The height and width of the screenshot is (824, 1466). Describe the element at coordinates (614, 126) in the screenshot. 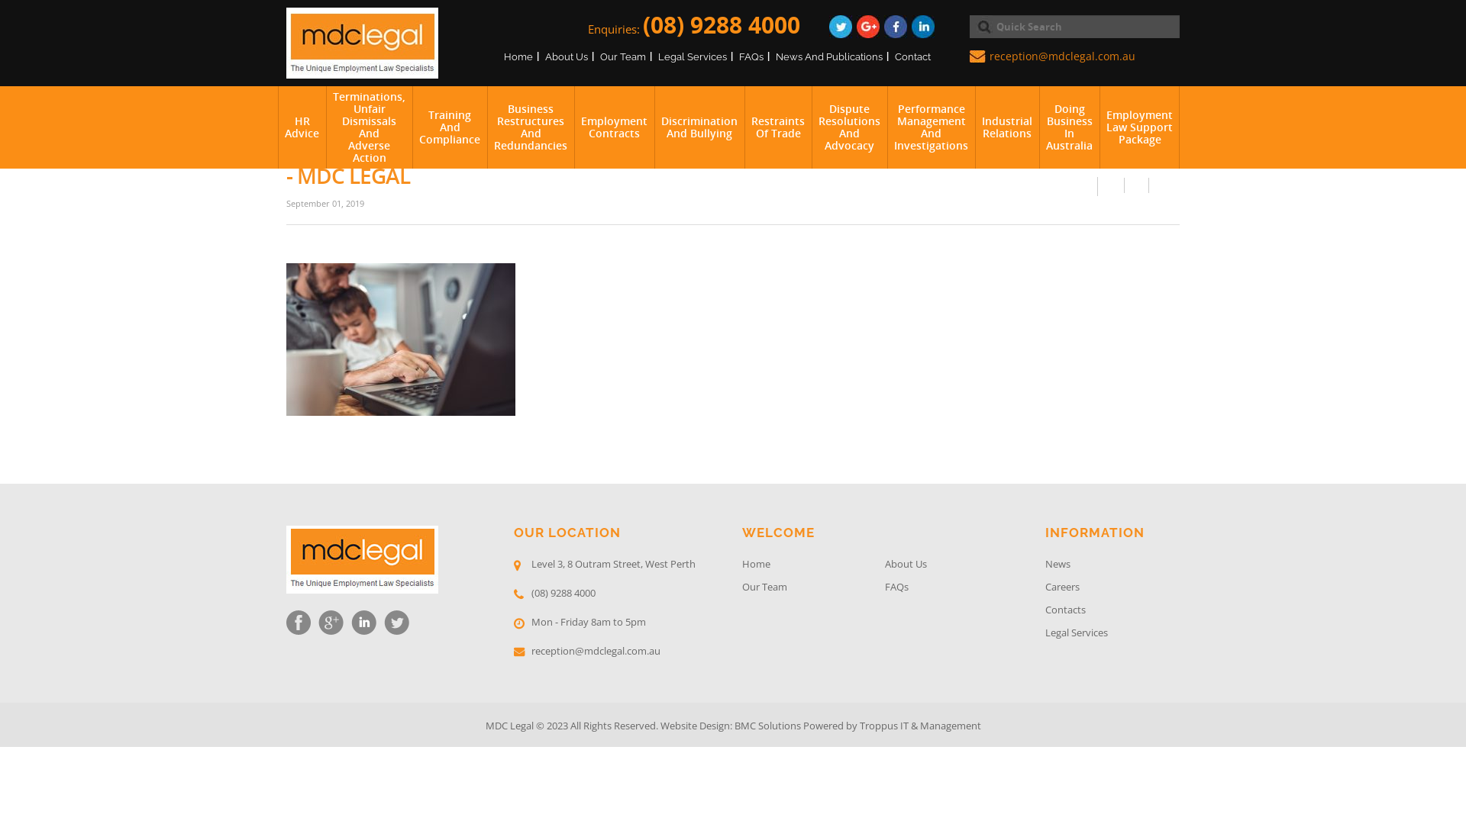

I see `'Employment` at that location.